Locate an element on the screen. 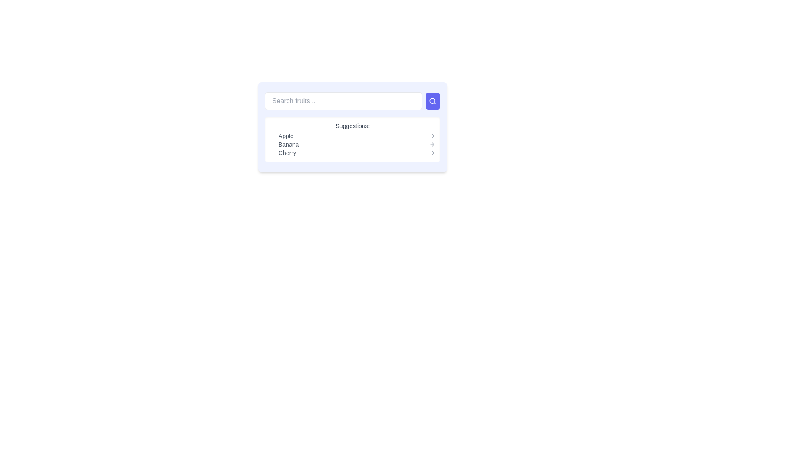 This screenshot has height=455, width=809. the search button located at the top-right of the search bar, which triggers a hover effect is located at coordinates (433, 100).